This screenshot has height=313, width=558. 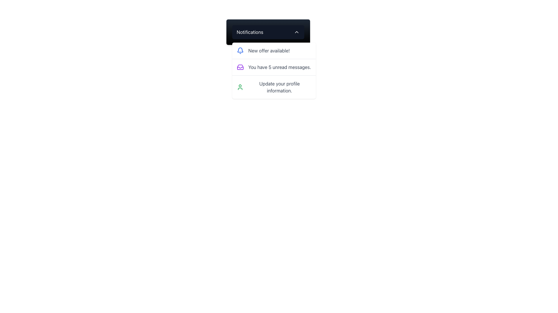 I want to click on the third item in the dropdown menu that contains a green user icon and the text 'Update your profile information.', so click(x=273, y=87).